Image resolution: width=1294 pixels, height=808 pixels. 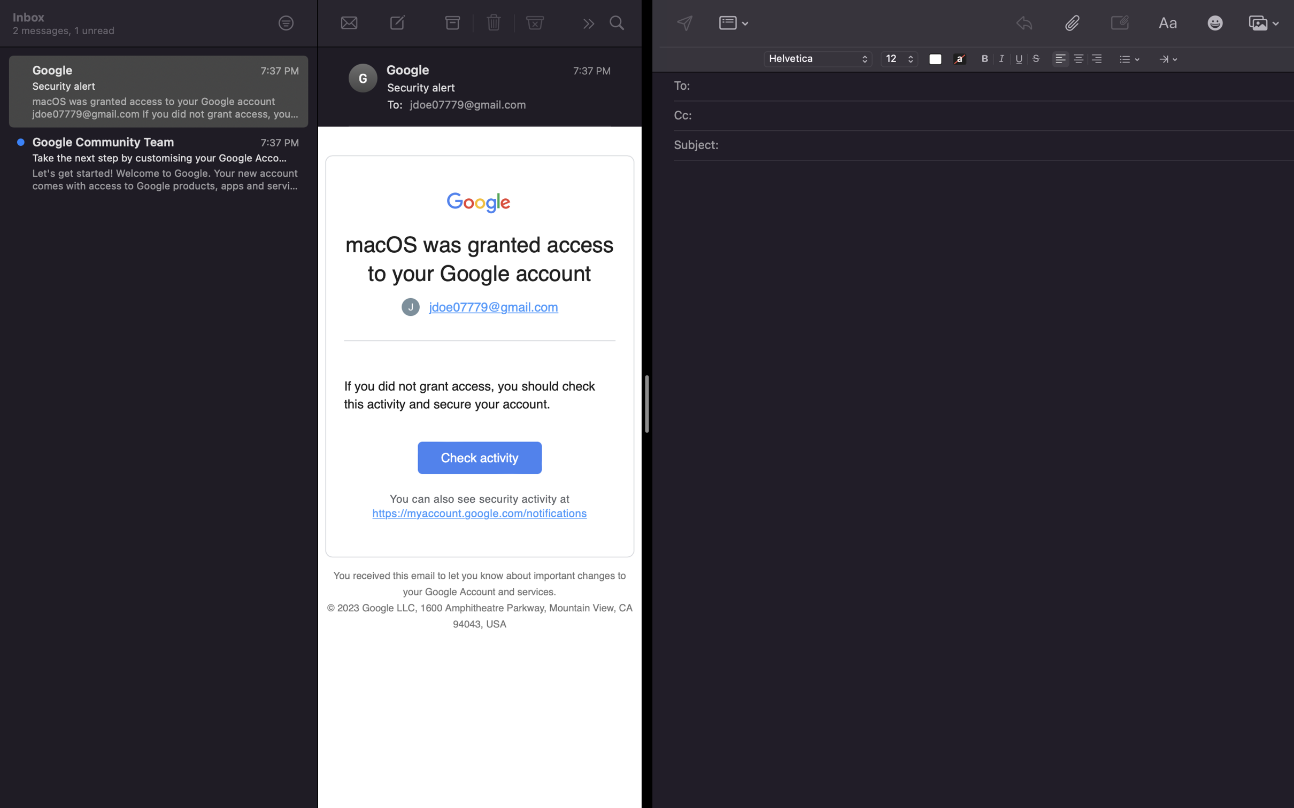 I want to click on Input "beck@gmail.com" into the recipient"s email field, so click(x=991, y=87).